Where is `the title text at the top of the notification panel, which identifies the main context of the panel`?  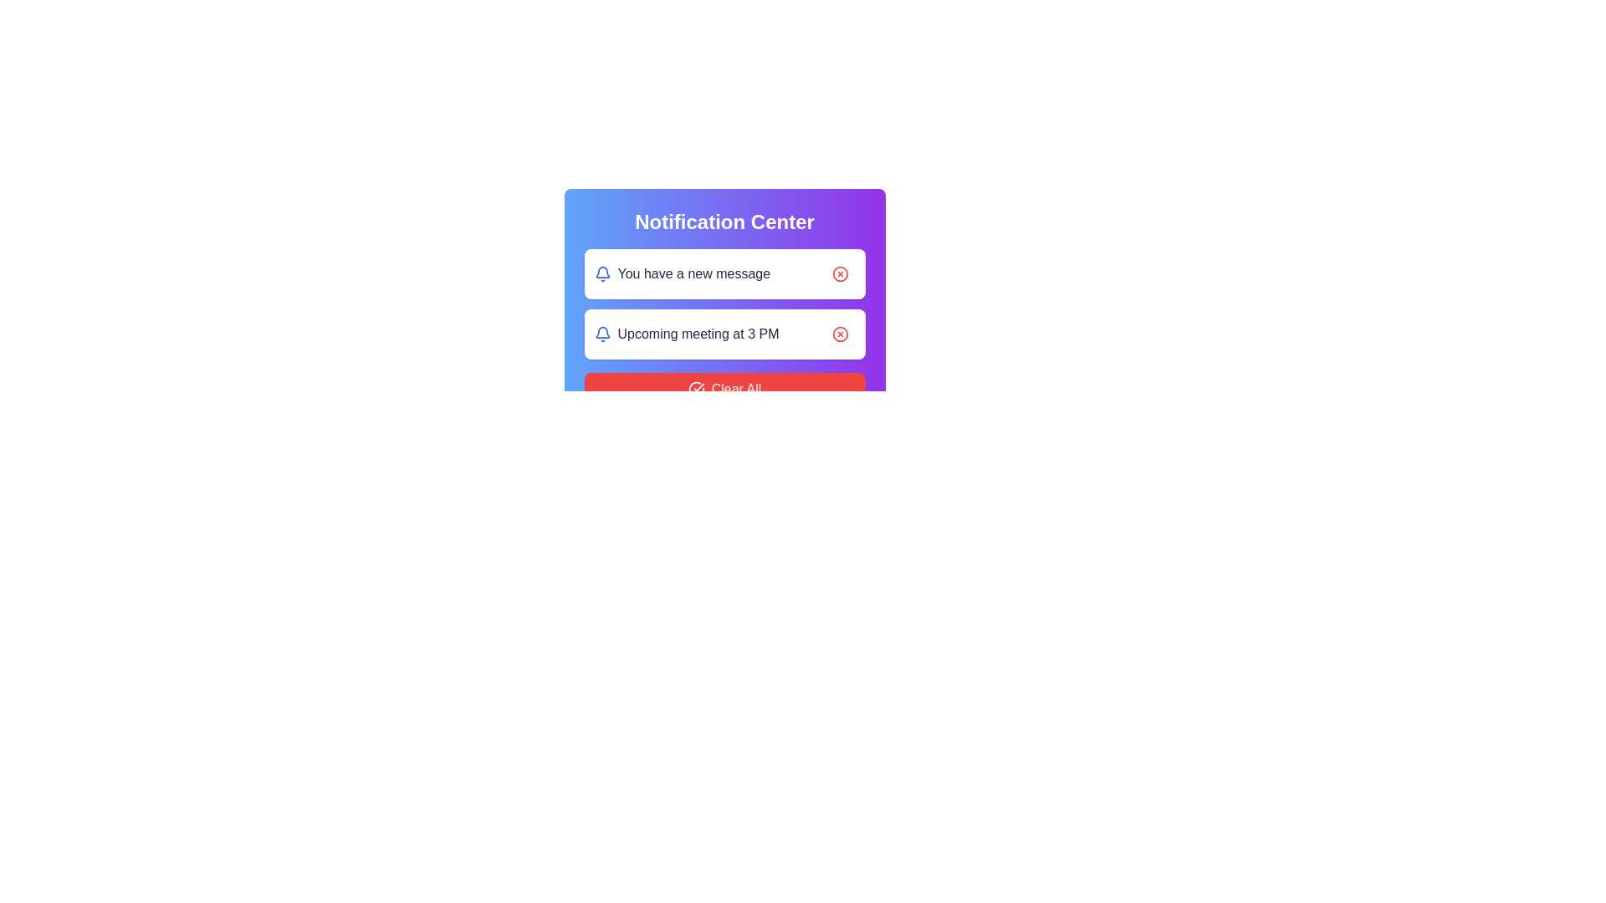
the title text at the top of the notification panel, which identifies the main context of the panel is located at coordinates (724, 222).